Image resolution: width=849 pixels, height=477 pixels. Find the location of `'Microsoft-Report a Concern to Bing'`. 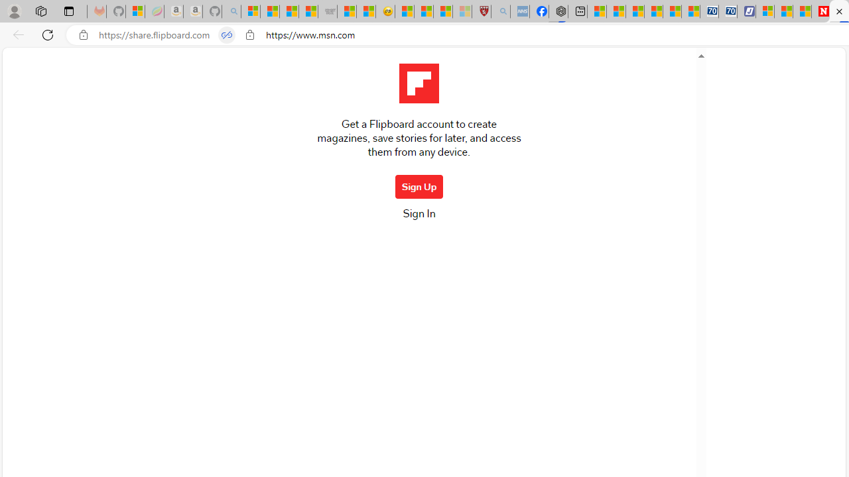

'Microsoft-Report a Concern to Bing' is located at coordinates (135, 11).